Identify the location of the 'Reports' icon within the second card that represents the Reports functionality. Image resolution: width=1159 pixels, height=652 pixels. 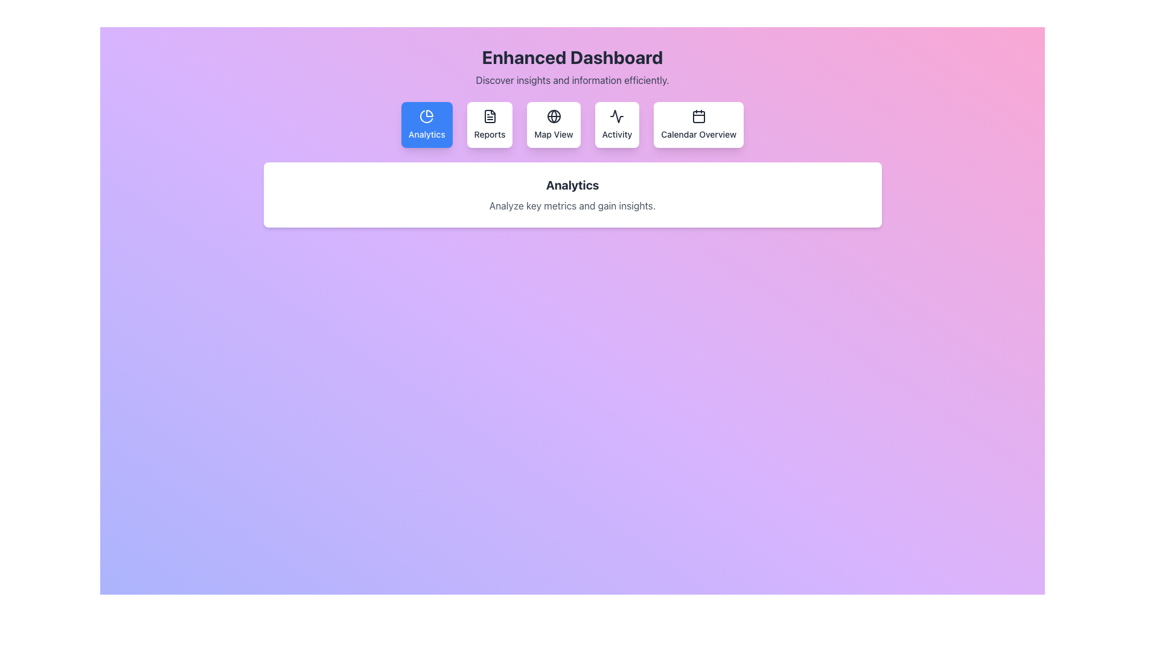
(490, 116).